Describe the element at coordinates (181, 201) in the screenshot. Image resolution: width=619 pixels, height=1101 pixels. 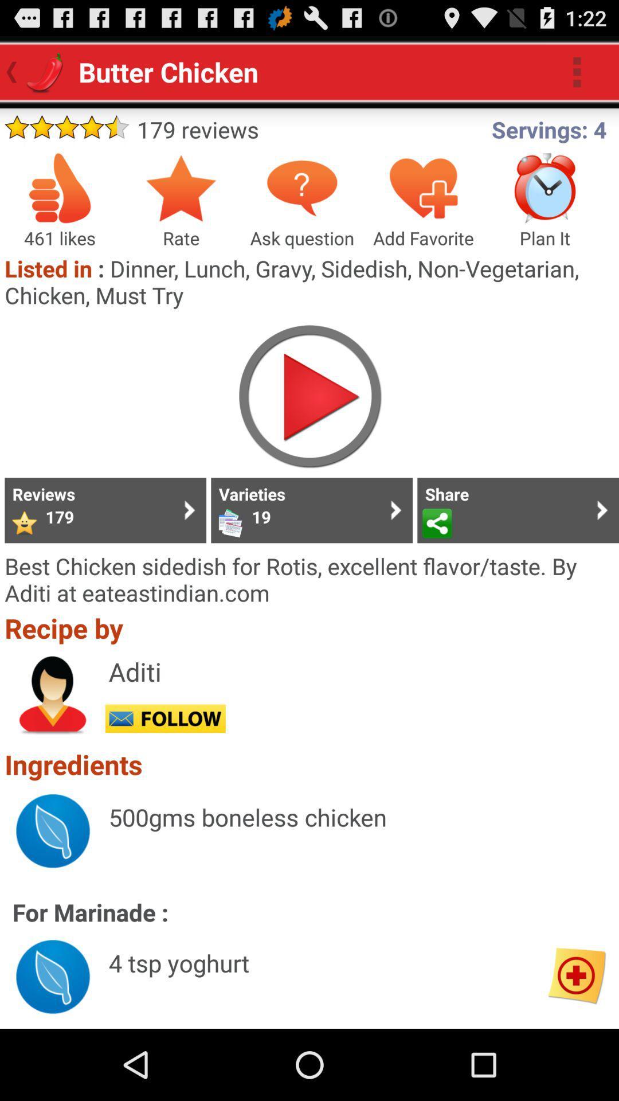
I see `the star icon` at that location.